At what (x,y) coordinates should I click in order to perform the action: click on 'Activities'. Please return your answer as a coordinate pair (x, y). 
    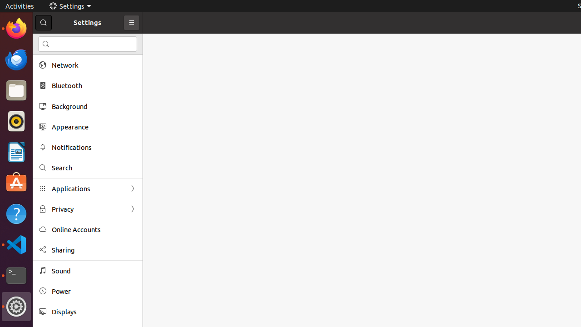
    Looking at the image, I should click on (20, 6).